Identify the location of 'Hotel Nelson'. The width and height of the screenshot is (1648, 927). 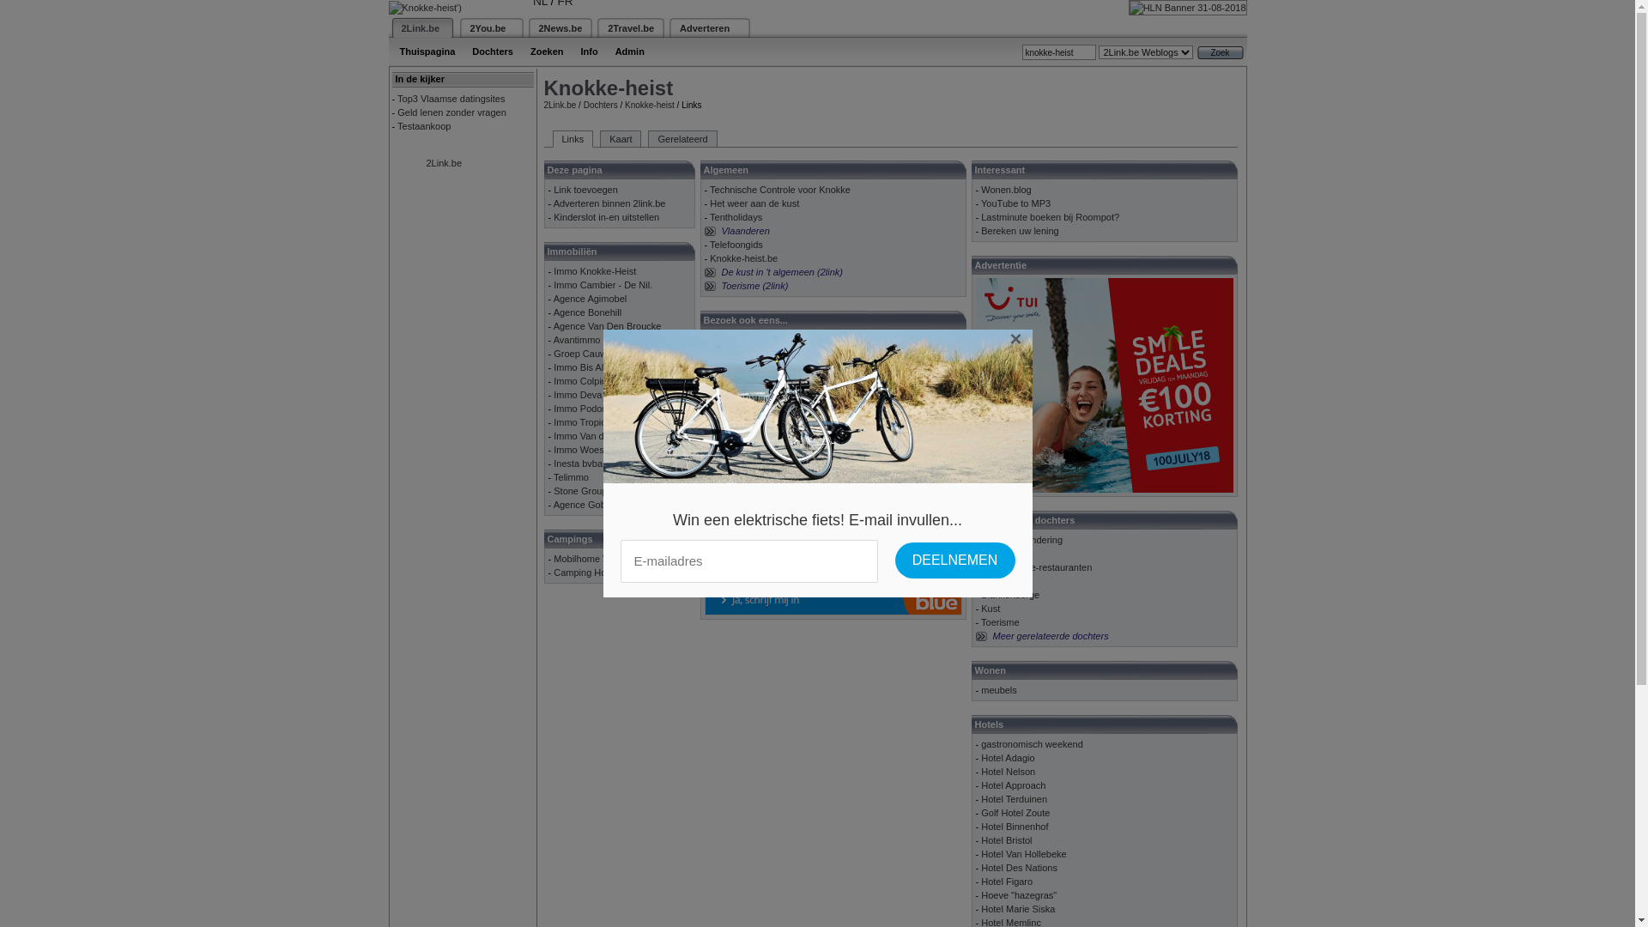
(980, 770).